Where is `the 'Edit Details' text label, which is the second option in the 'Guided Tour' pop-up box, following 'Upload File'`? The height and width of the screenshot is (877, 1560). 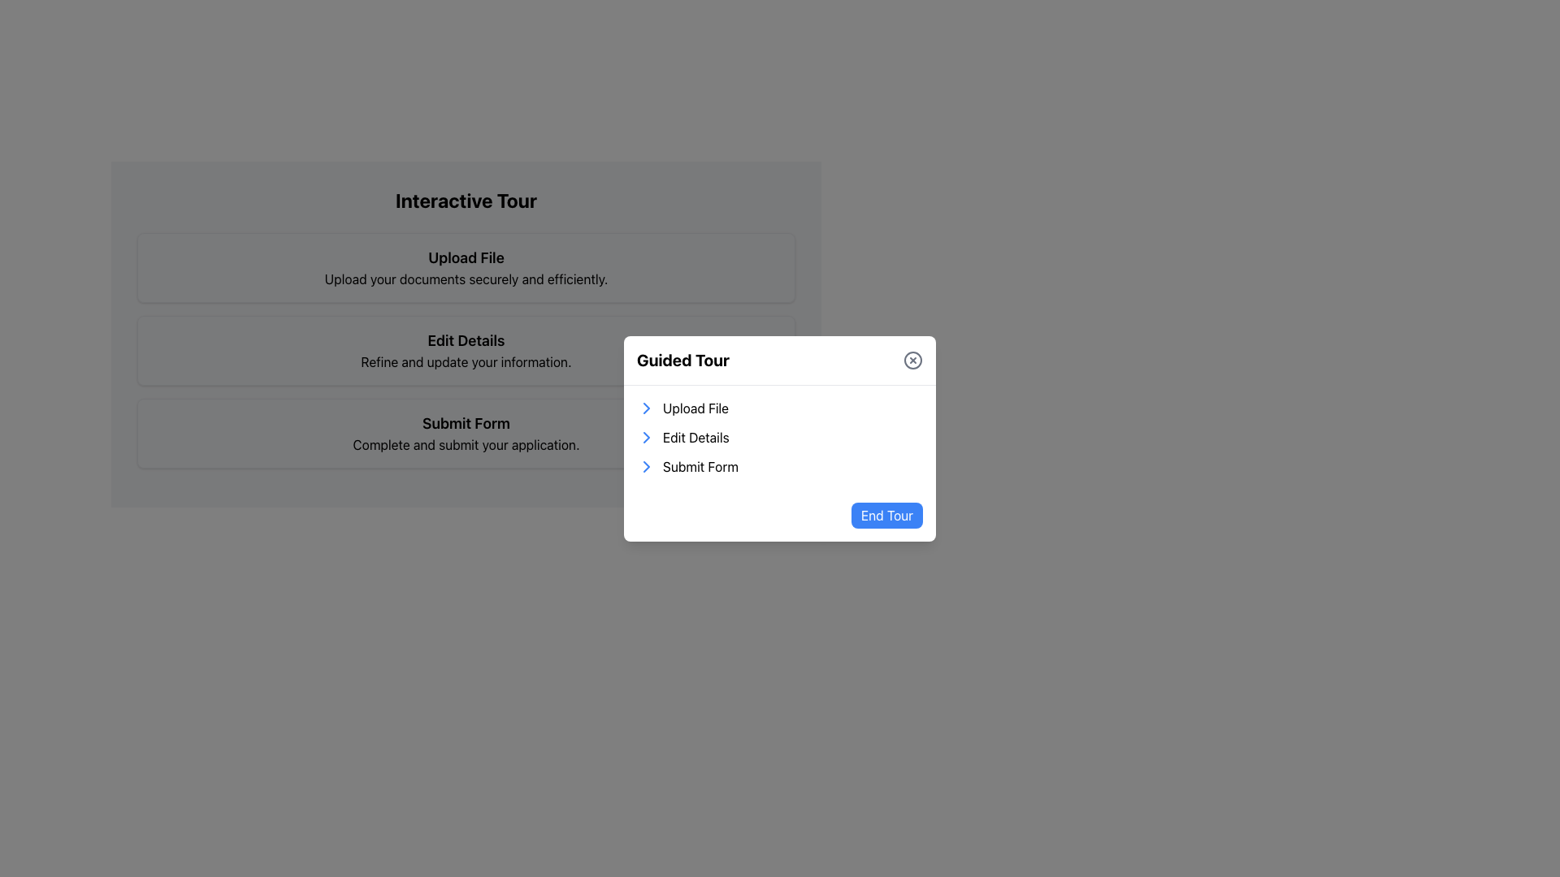
the 'Edit Details' text label, which is the second option in the 'Guided Tour' pop-up box, following 'Upload File' is located at coordinates (695, 436).